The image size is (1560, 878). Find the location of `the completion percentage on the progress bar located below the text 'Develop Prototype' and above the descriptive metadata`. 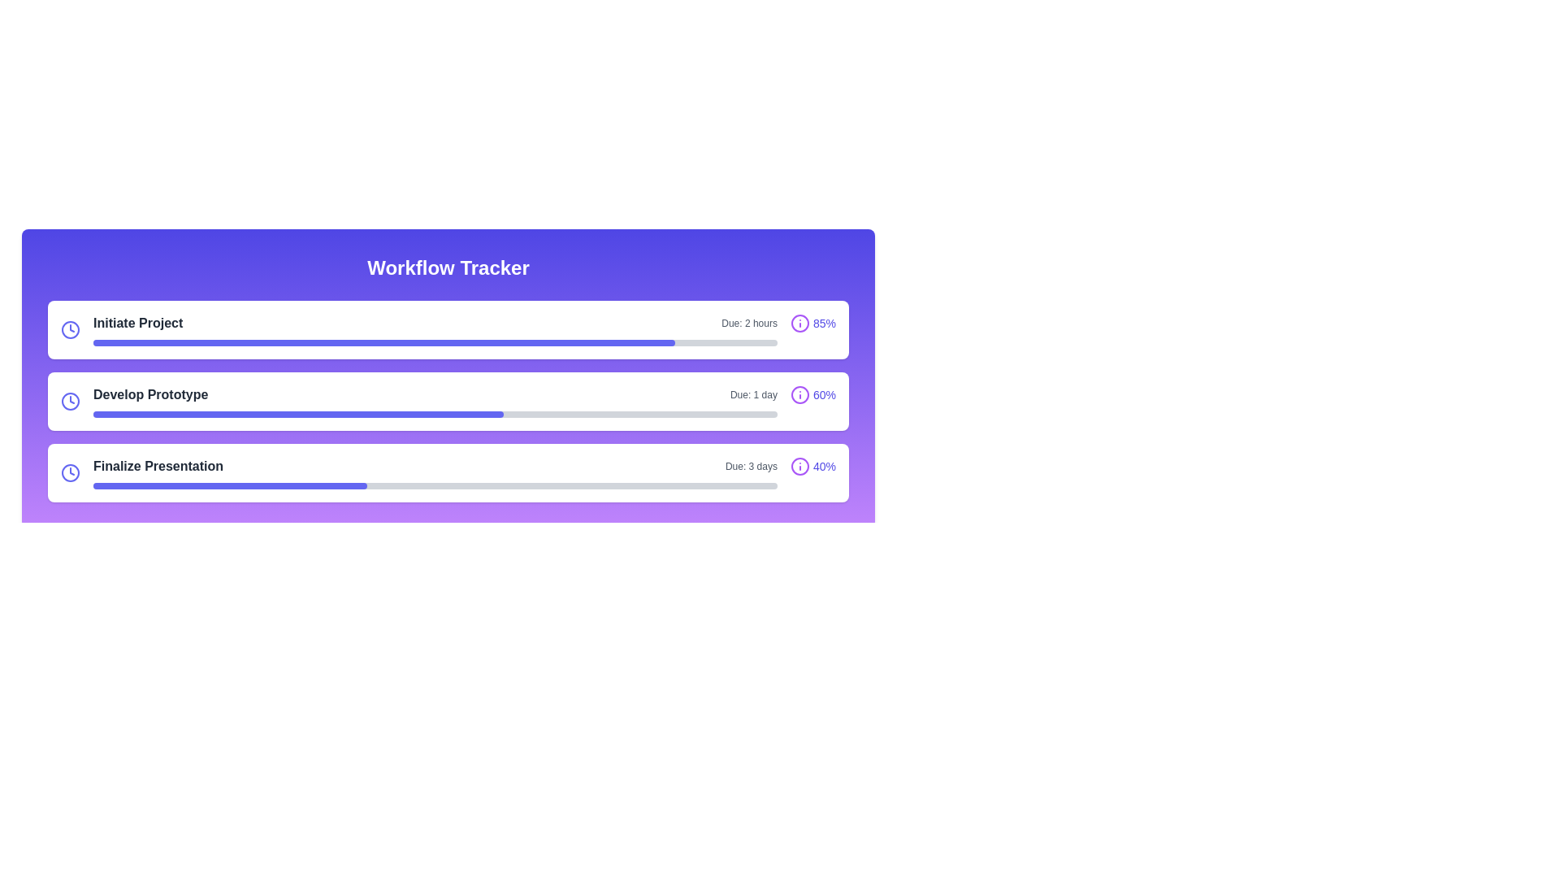

the completion percentage on the progress bar located below the text 'Develop Prototype' and above the descriptive metadata is located at coordinates (435, 413).